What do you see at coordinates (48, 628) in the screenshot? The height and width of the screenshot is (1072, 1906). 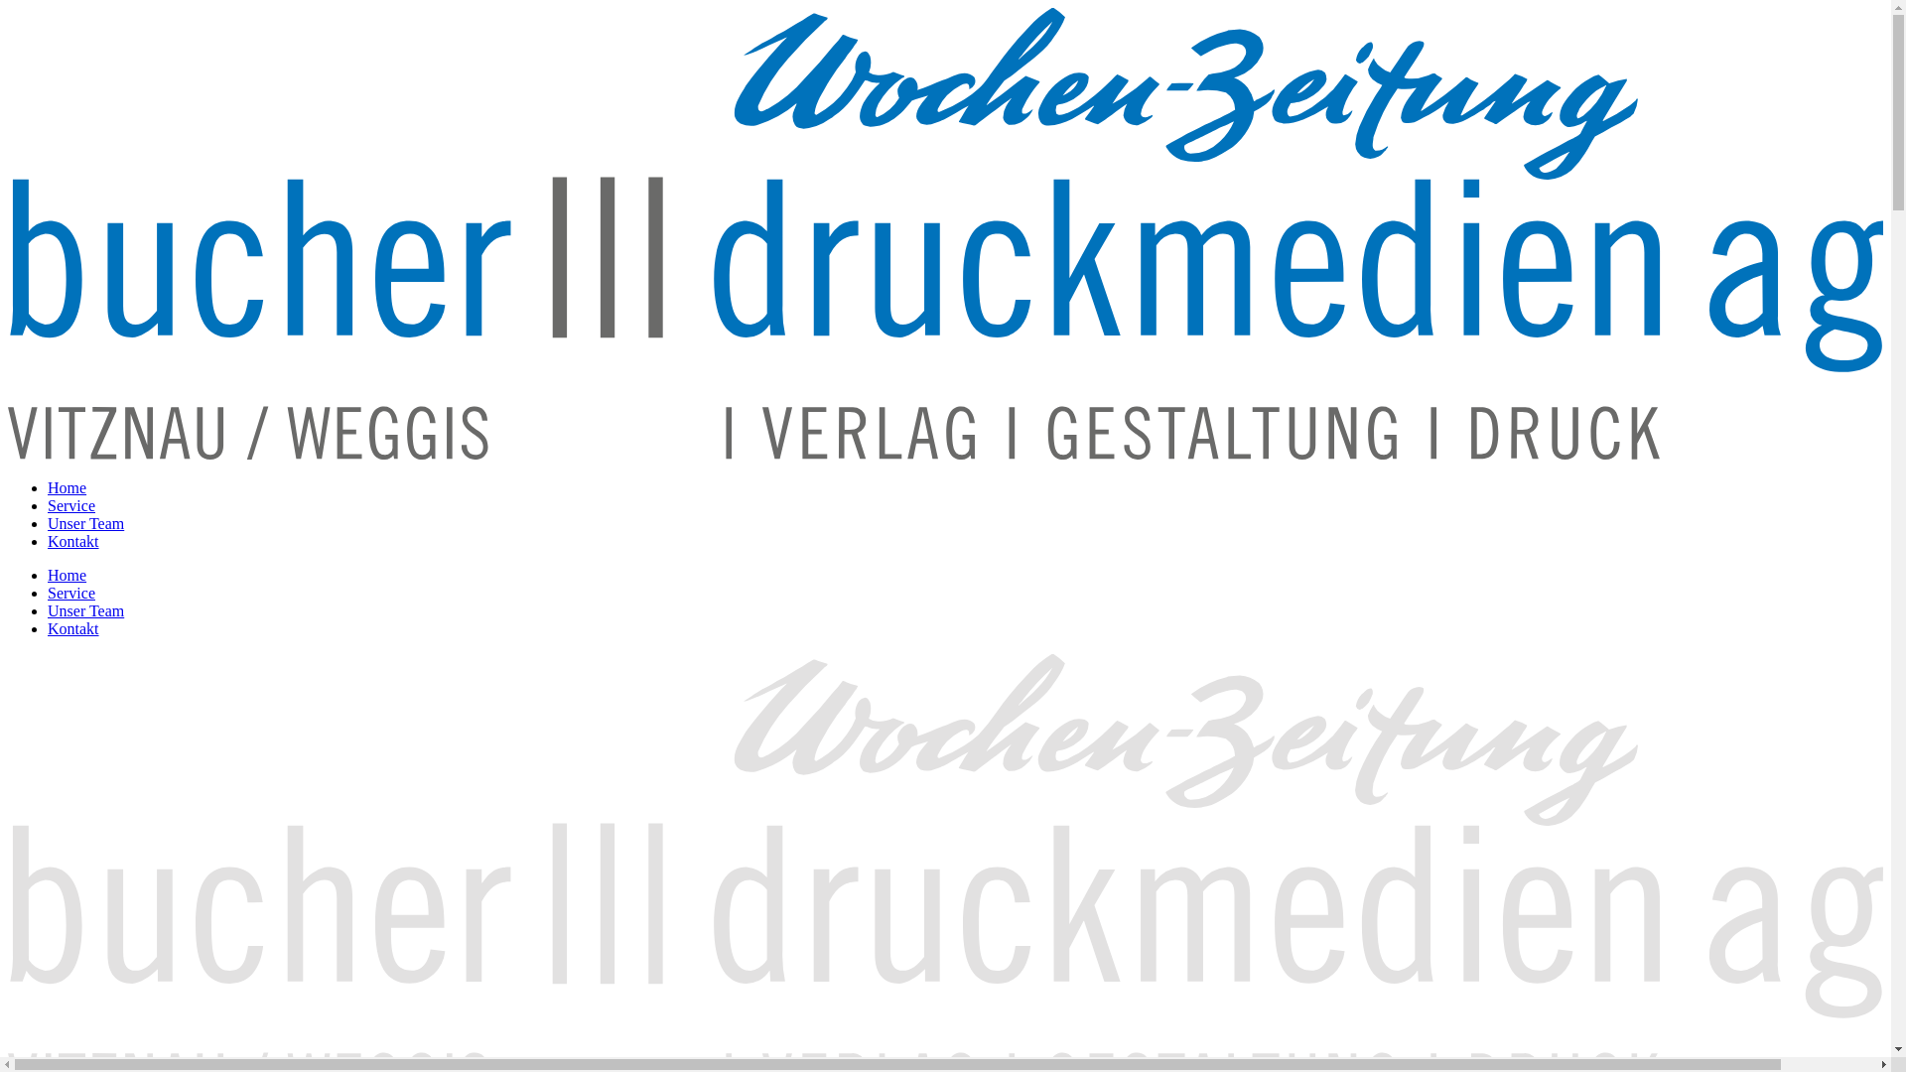 I see `'Kontakt'` at bounding box center [48, 628].